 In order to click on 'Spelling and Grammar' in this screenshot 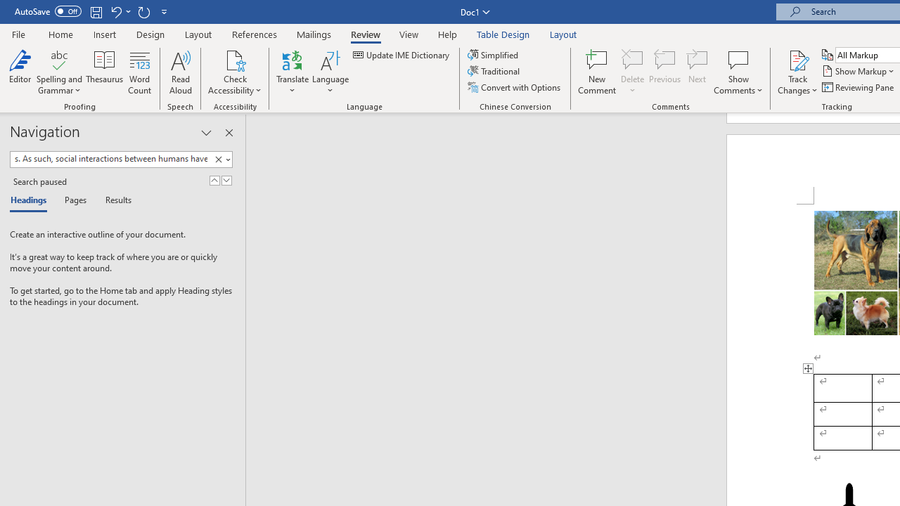, I will do `click(59, 72)`.